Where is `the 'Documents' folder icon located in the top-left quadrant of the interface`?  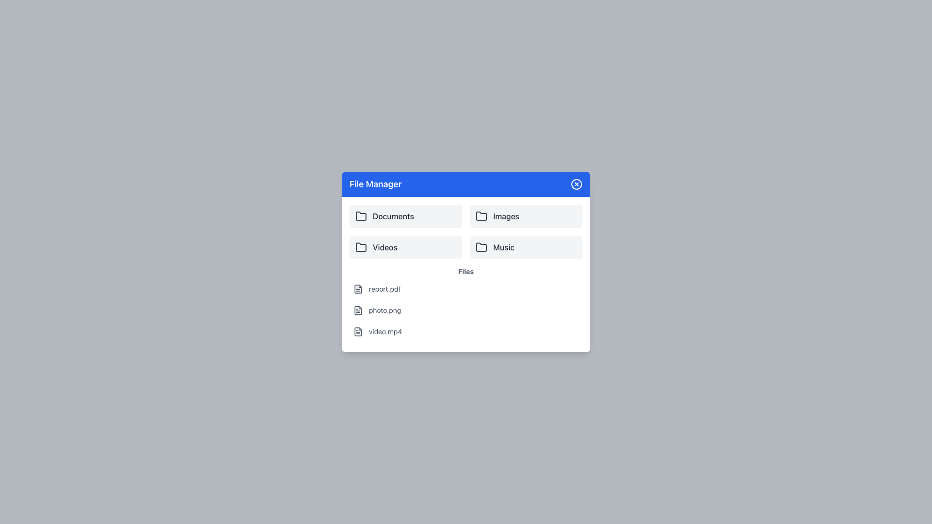 the 'Documents' folder icon located in the top-left quadrant of the interface is located at coordinates (361, 216).